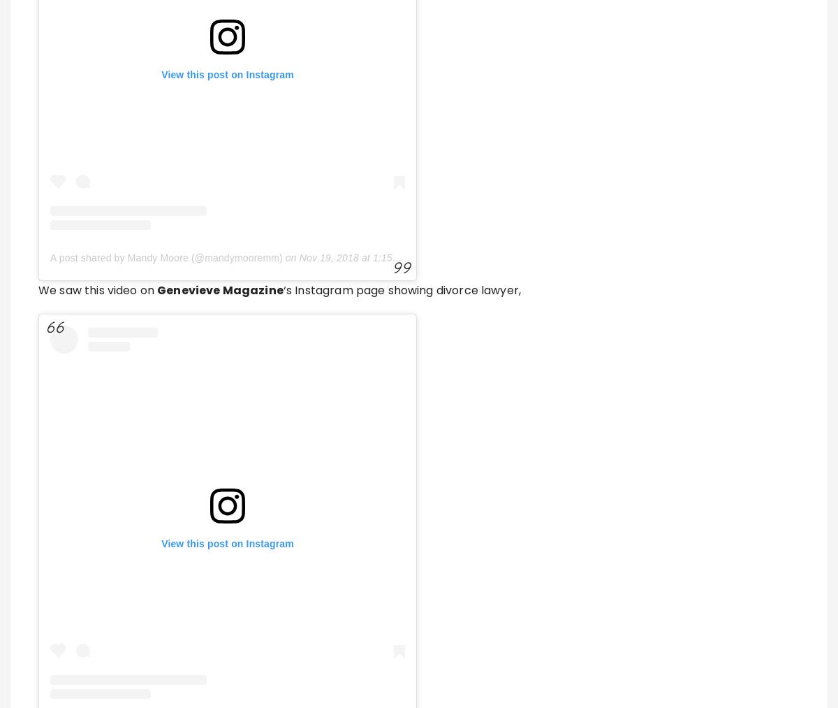 This screenshot has width=838, height=708. I want to click on 'on', so click(307, 138).